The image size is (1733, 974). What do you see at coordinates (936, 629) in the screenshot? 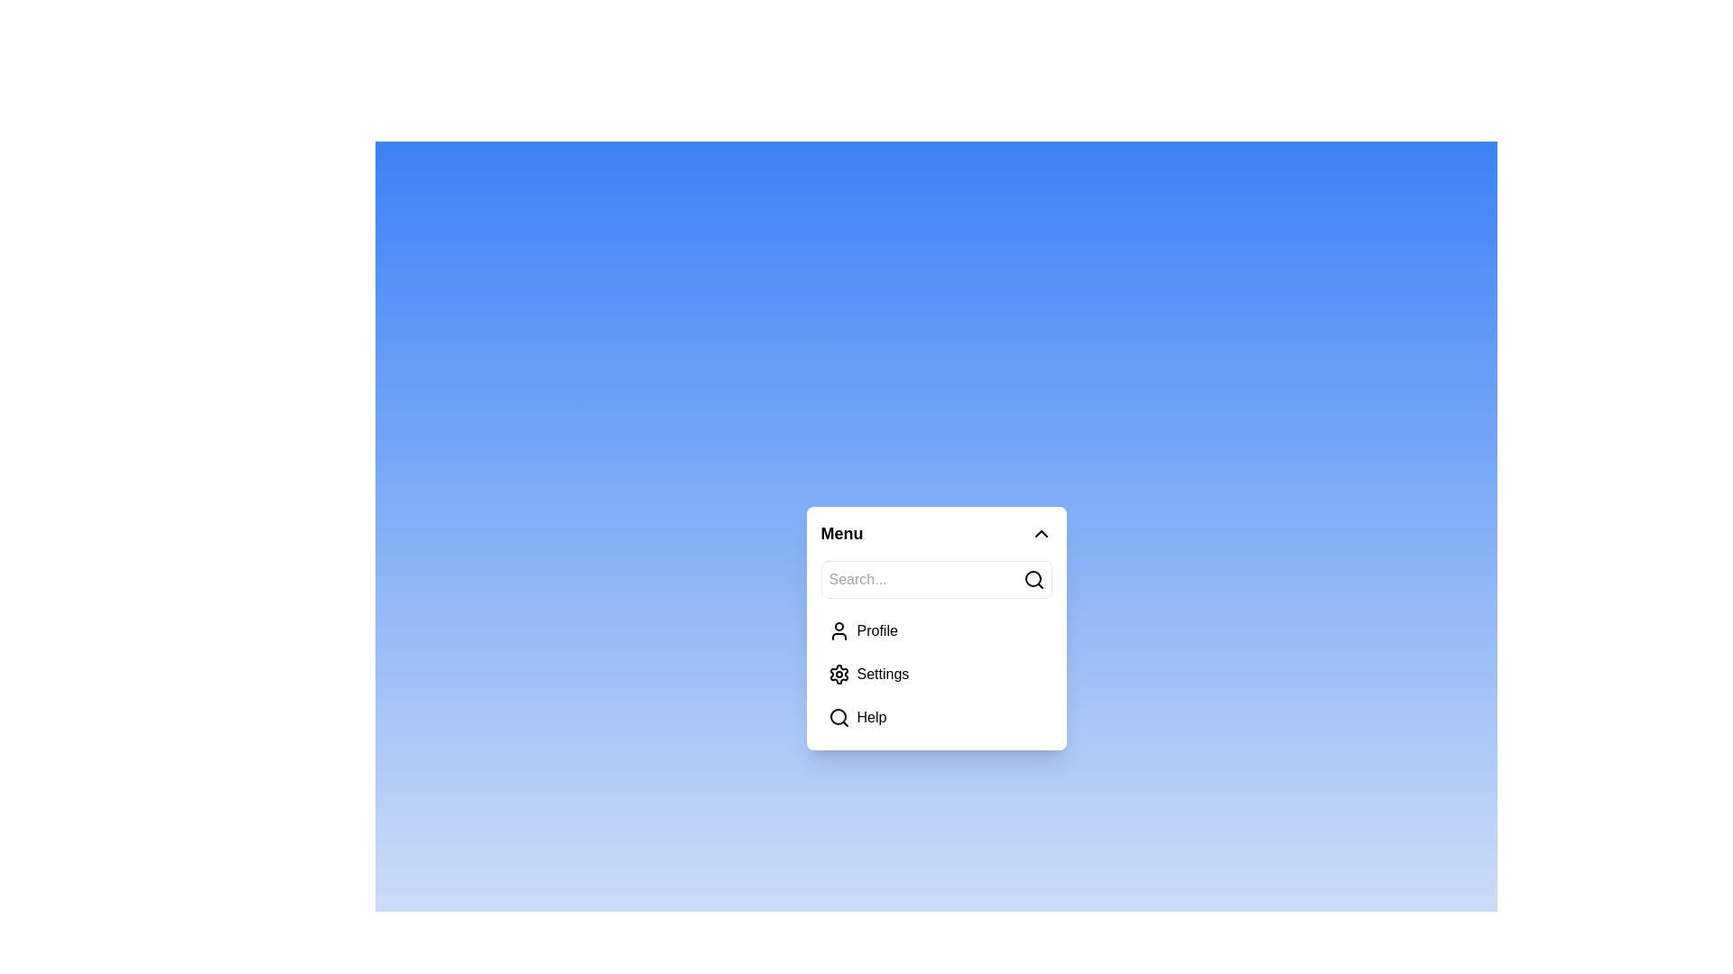
I see `the menu item Profile from the list` at bounding box center [936, 629].